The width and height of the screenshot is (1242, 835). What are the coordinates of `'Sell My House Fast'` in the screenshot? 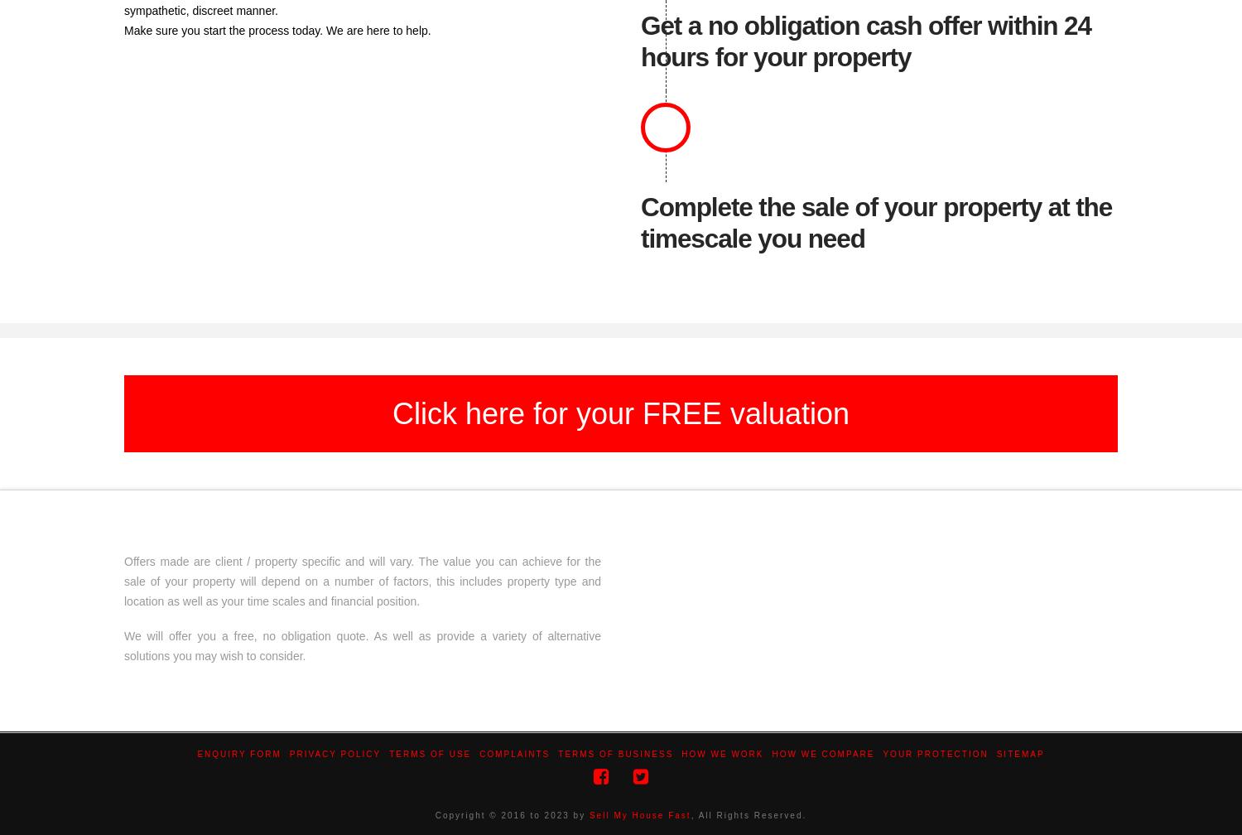 It's located at (588, 815).